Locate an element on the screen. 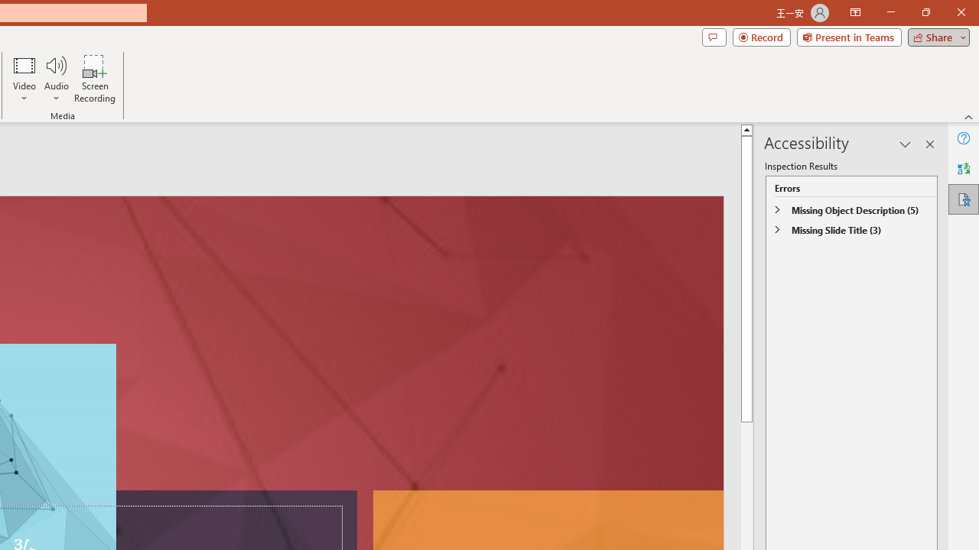 This screenshot has width=979, height=550. 'Ribbon Display Options' is located at coordinates (854, 12).